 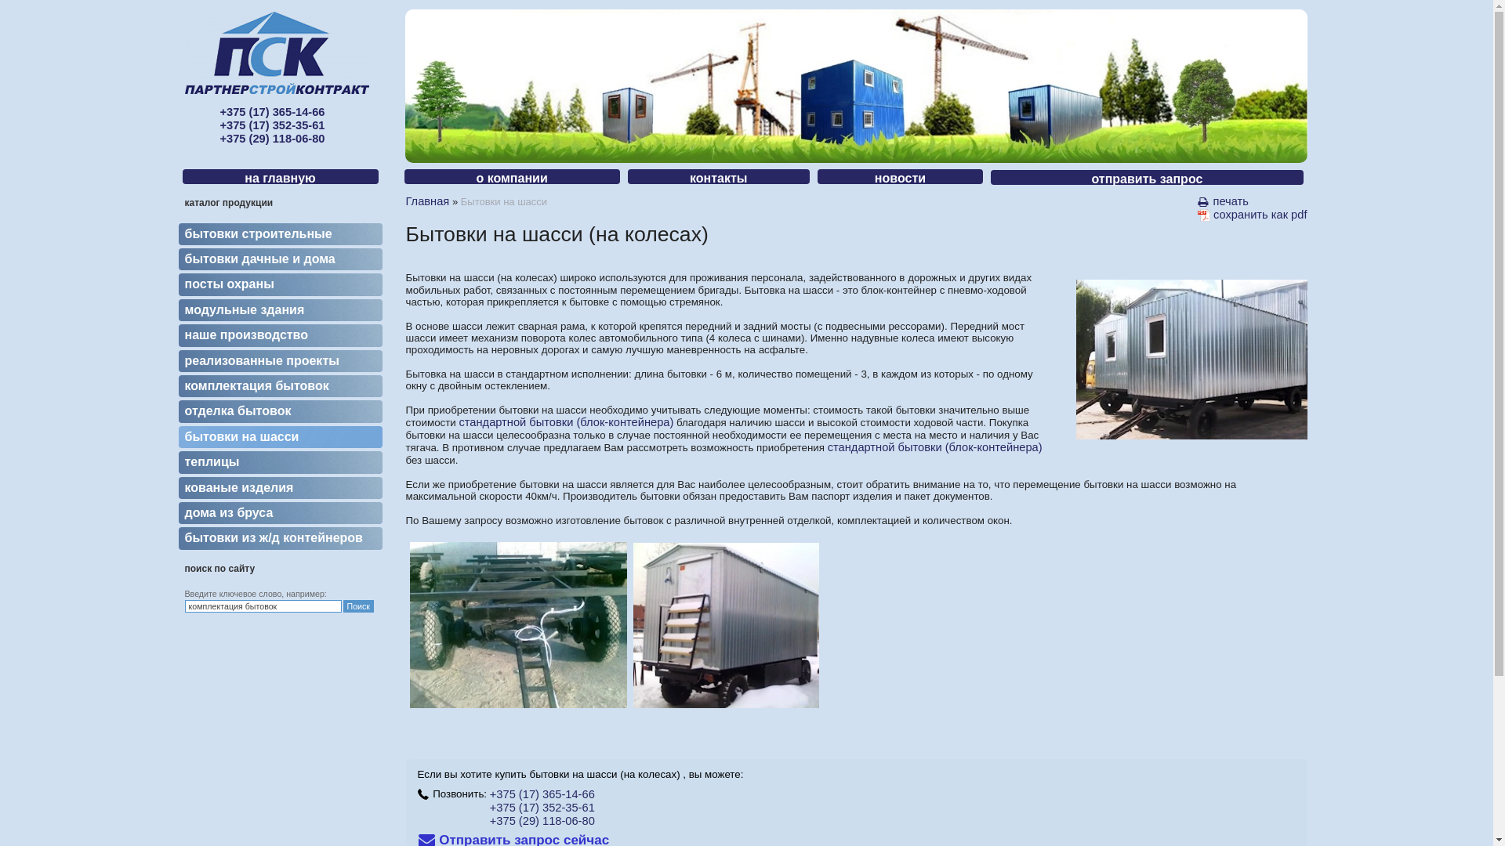 I want to click on '+375 (29) 118-06-80', so click(x=542, y=820).